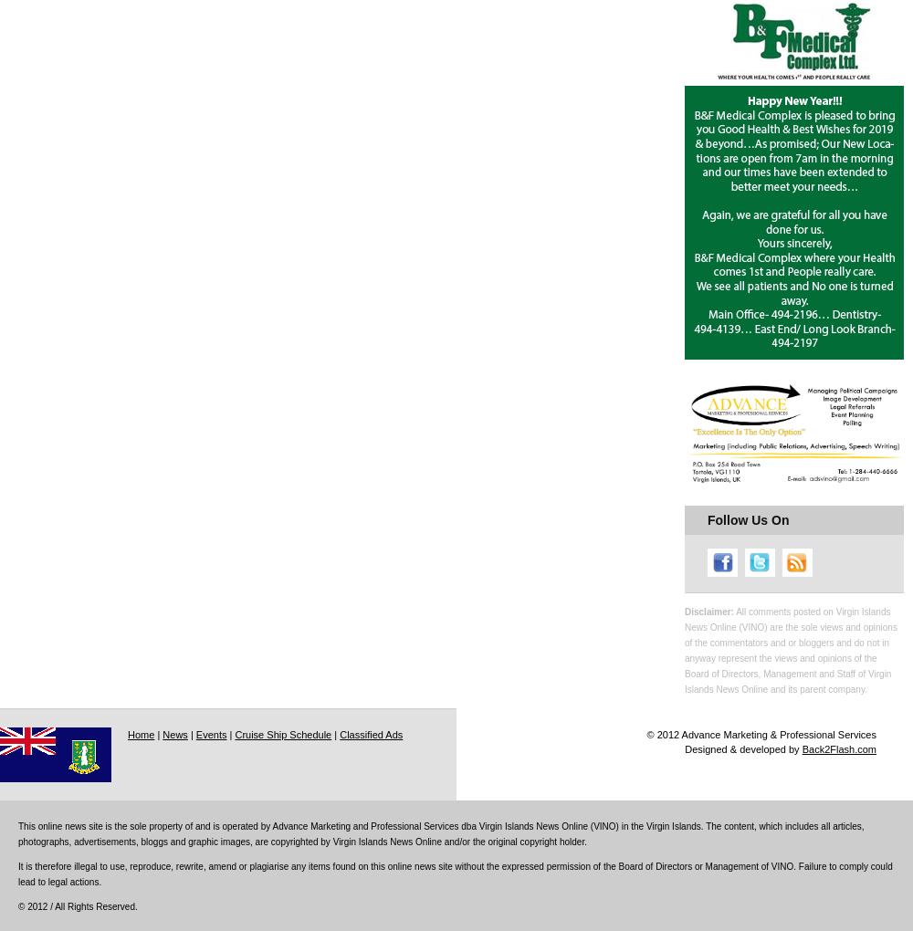 The width and height of the screenshot is (913, 931). I want to click on 'Back2Flash.com', so click(839, 748).